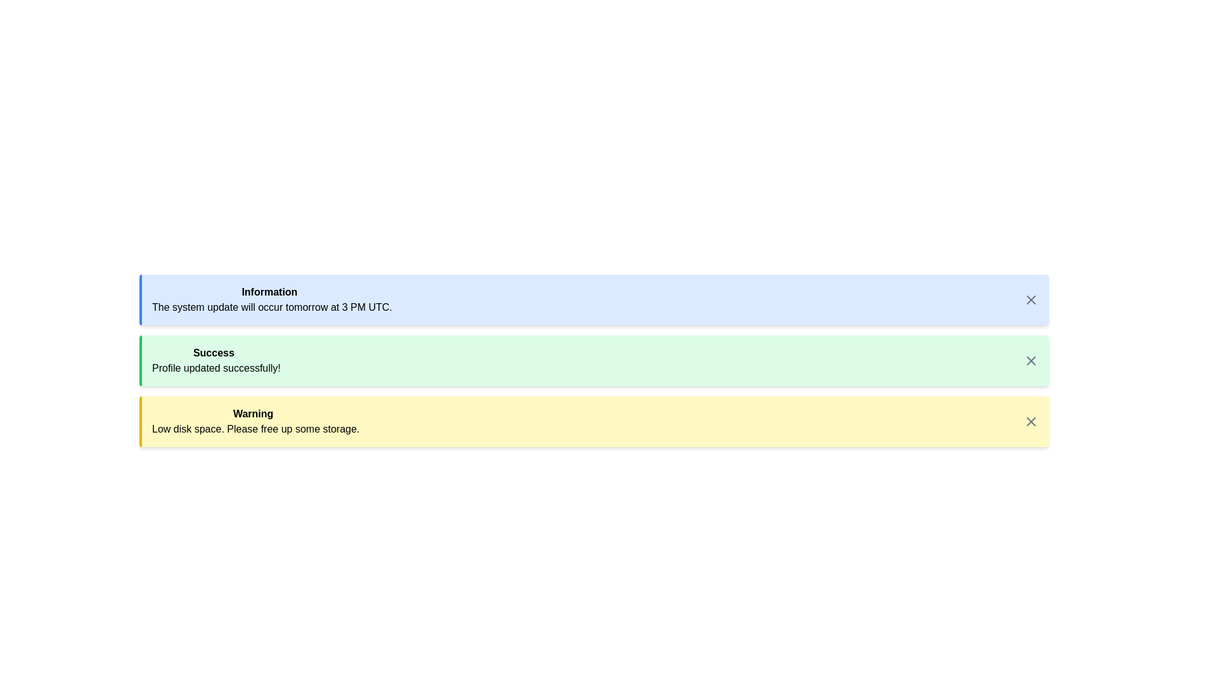 Image resolution: width=1217 pixels, height=685 pixels. What do you see at coordinates (595, 421) in the screenshot?
I see `warning from the Notification Banner that alerts the user about low disk space, positioned below the green 'Success' bar` at bounding box center [595, 421].